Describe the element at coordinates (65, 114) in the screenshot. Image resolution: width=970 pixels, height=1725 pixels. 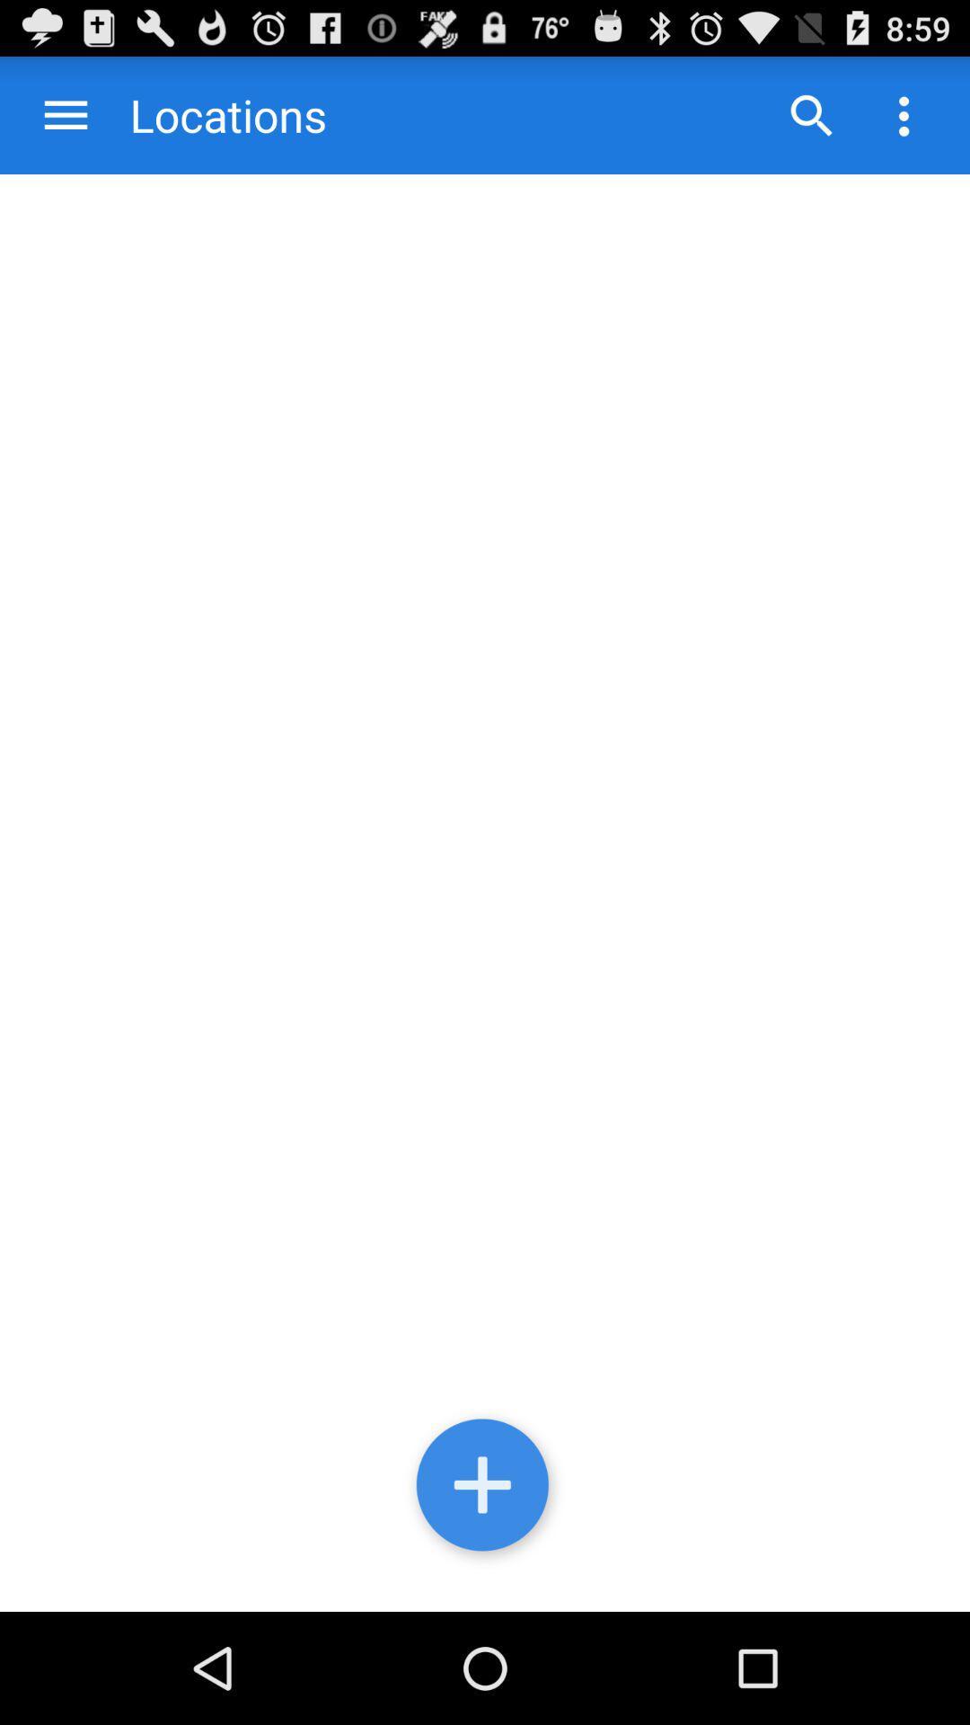
I see `the item to the left of locations app` at that location.